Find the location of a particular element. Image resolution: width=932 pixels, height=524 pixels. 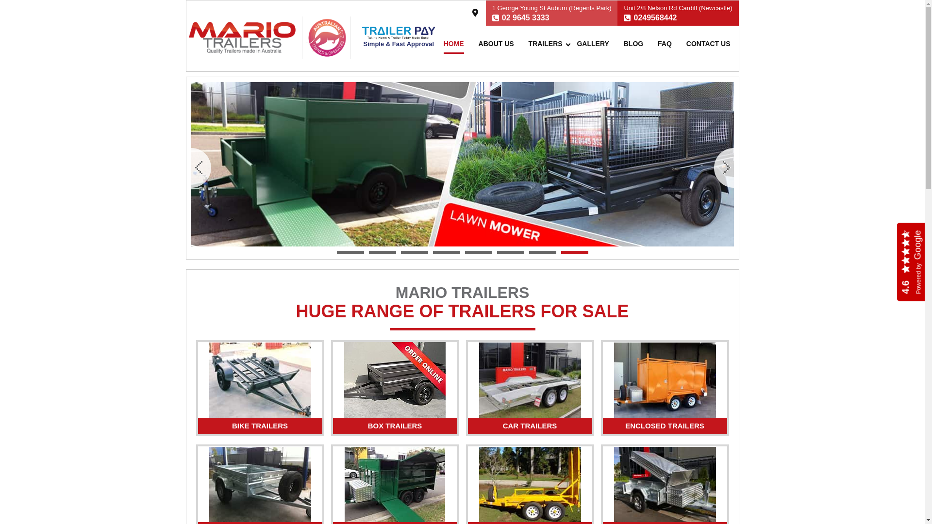

'TRAILERS' is located at coordinates (545, 43).